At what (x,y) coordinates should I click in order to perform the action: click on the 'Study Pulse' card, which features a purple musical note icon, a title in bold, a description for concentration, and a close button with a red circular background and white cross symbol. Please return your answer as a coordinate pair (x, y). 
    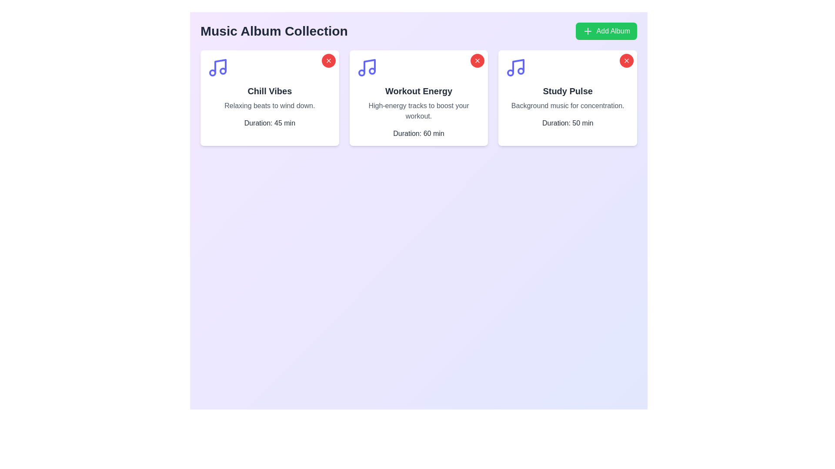
    Looking at the image, I should click on (568, 98).